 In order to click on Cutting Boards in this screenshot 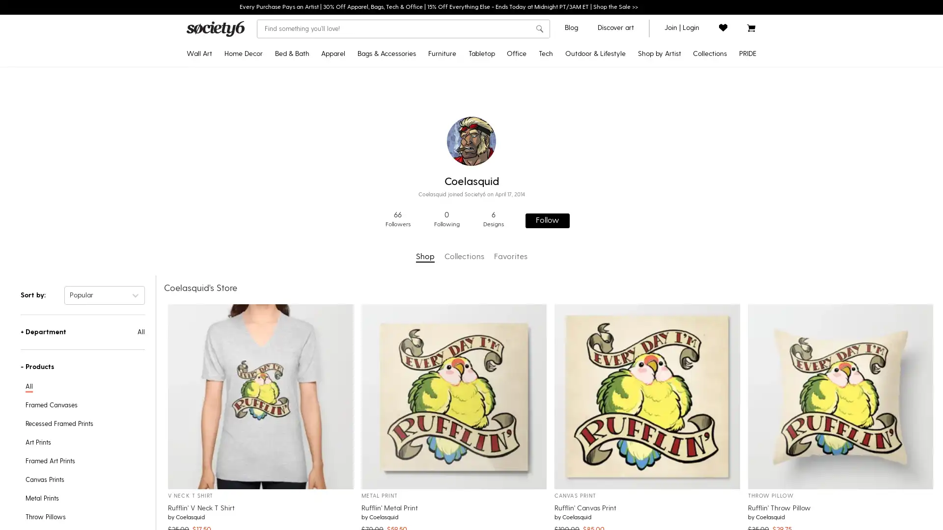, I will do `click(499, 204)`.